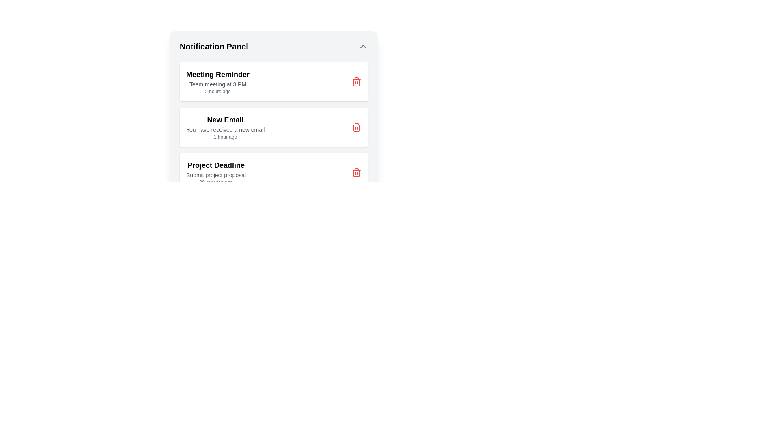 This screenshot has height=438, width=779. I want to click on the delete icon button located at the far right of the bottommost notification item in the Notification Panel to change its color, so click(356, 172).